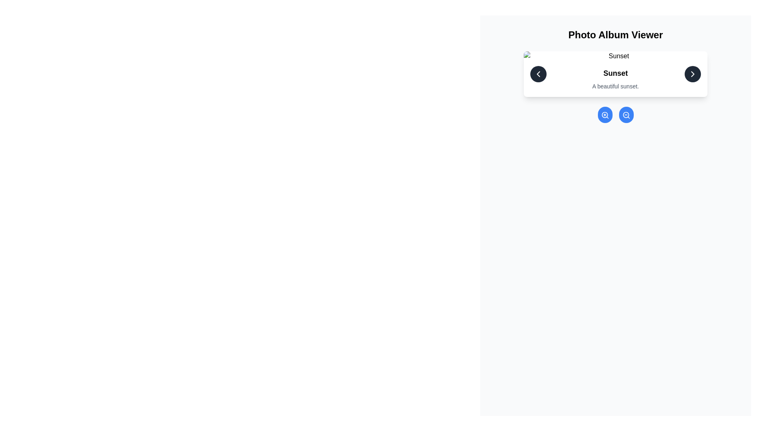 This screenshot has height=440, width=782. What do you see at coordinates (538, 74) in the screenshot?
I see `the circular button containing a minimalist leftward arrow icon` at bounding box center [538, 74].